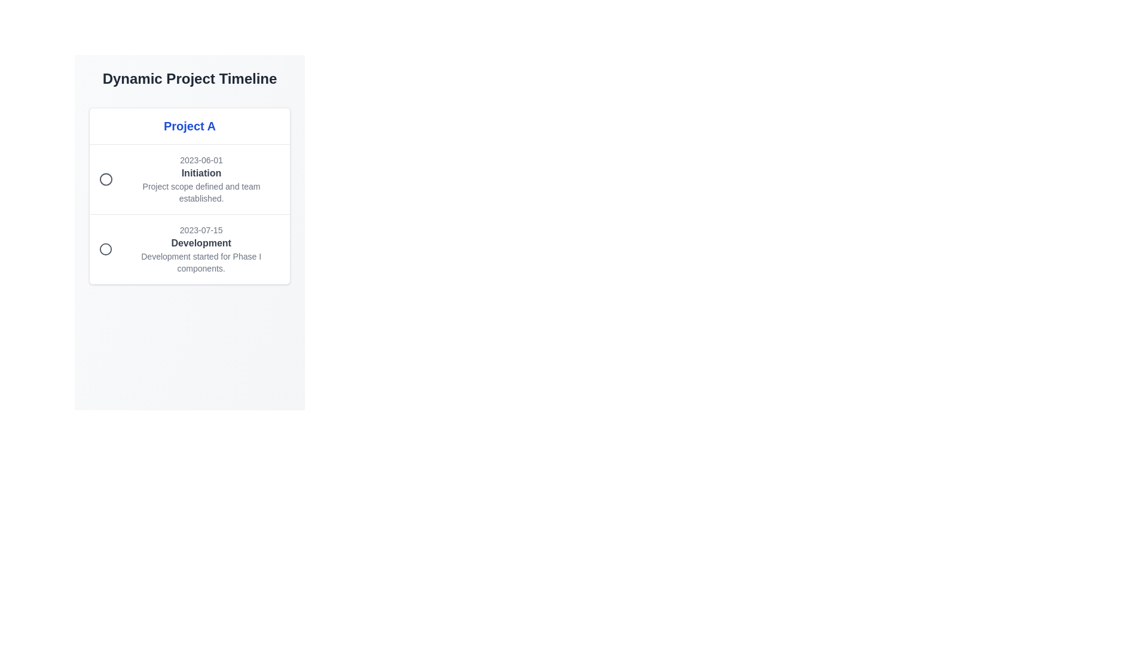  I want to click on text block providing additional context below the 'Initiation' header in the vertical timeline, so click(201, 191).